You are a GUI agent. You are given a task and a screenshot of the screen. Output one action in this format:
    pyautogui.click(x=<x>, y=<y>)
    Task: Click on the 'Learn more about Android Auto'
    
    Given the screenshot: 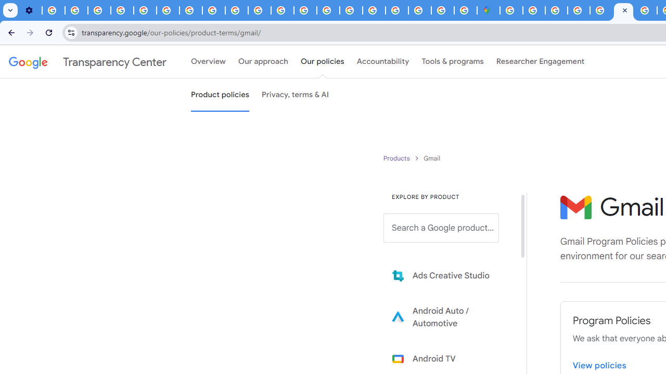 What is the action you would take?
    pyautogui.click(x=449, y=316)
    